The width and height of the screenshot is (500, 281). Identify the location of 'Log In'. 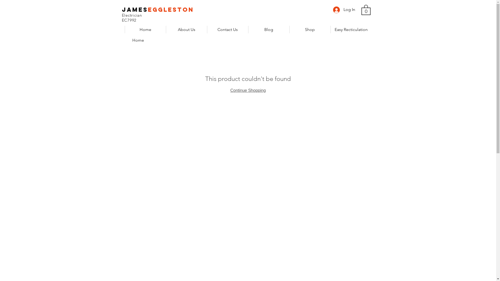
(344, 10).